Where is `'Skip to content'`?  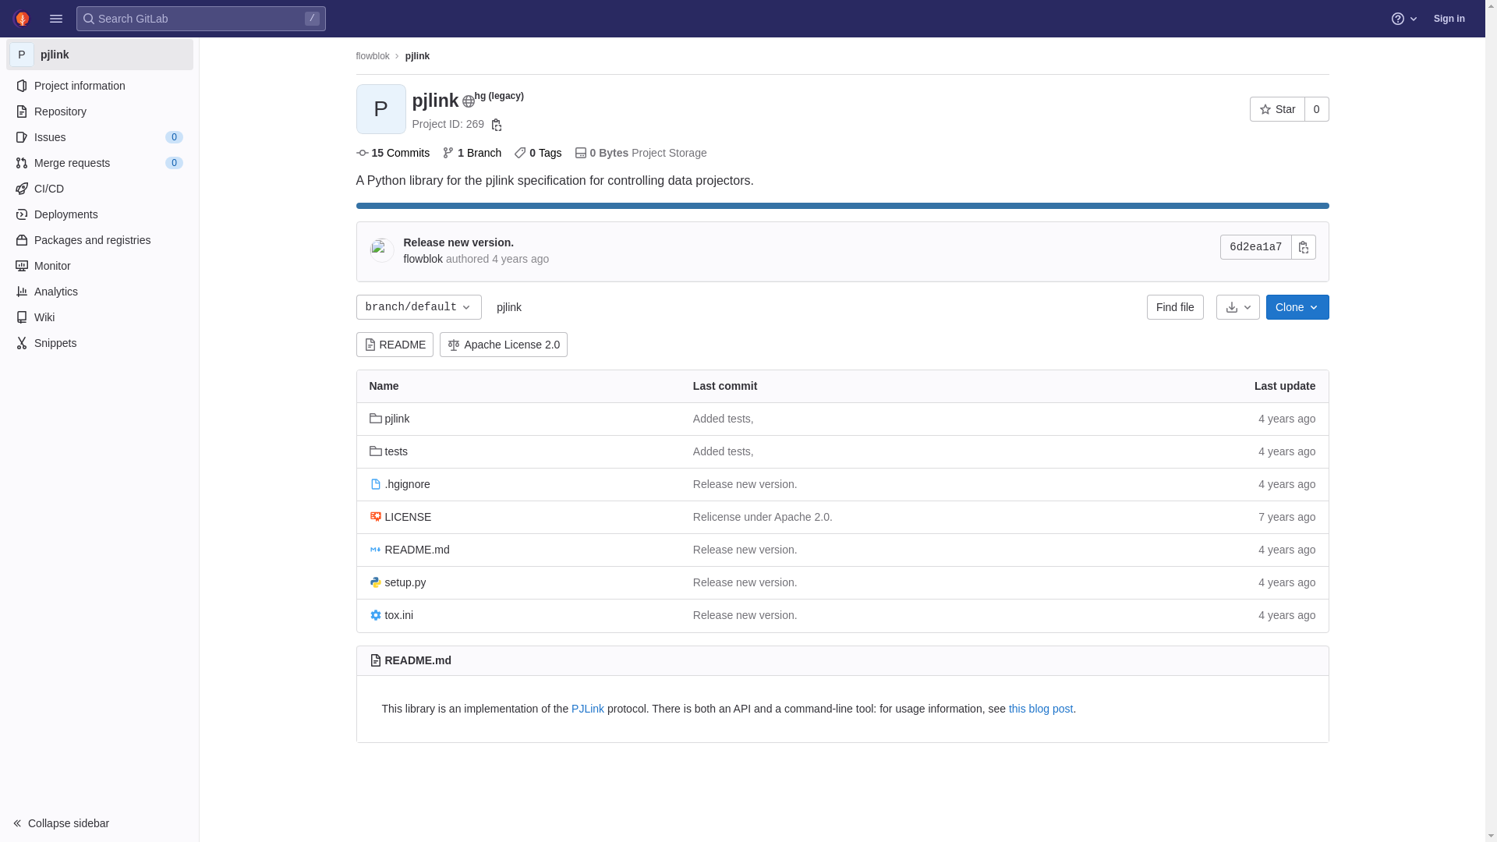 'Skip to content' is located at coordinates (12, 19).